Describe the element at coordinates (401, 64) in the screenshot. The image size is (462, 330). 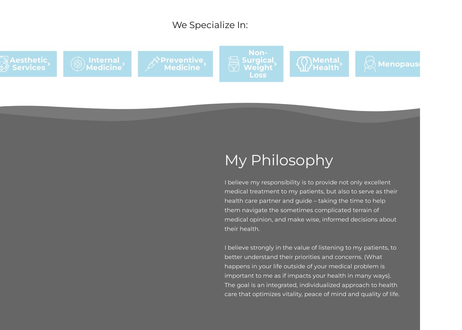
I see `'menopause'` at that location.